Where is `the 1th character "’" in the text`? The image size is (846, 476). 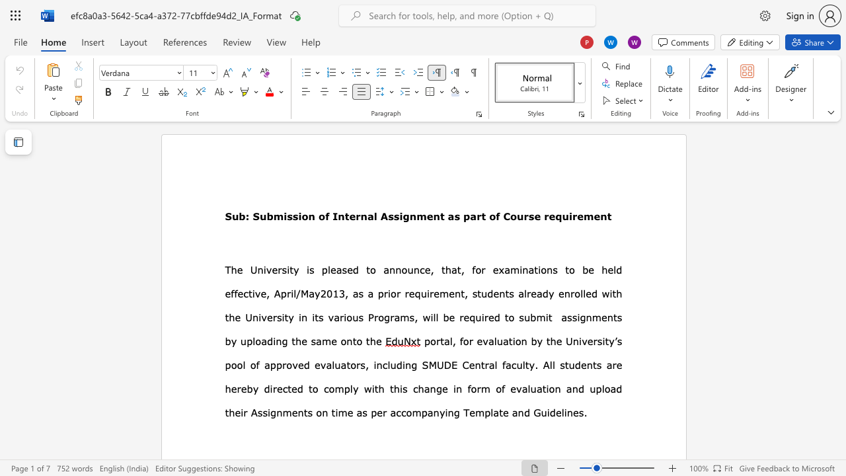
the 1th character "’" in the text is located at coordinates (615, 340).